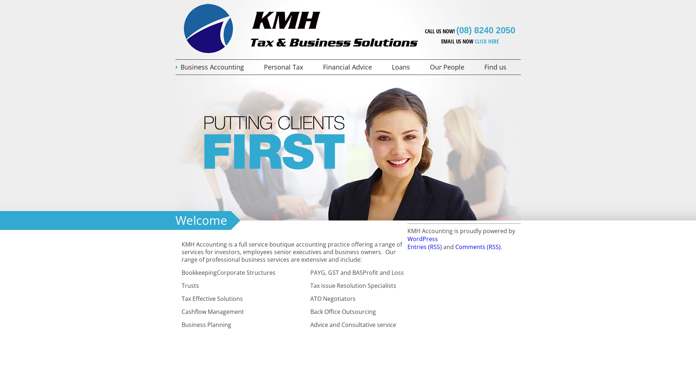 The width and height of the screenshot is (696, 391). Describe the element at coordinates (405, 67) in the screenshot. I see `'Loans'` at that location.